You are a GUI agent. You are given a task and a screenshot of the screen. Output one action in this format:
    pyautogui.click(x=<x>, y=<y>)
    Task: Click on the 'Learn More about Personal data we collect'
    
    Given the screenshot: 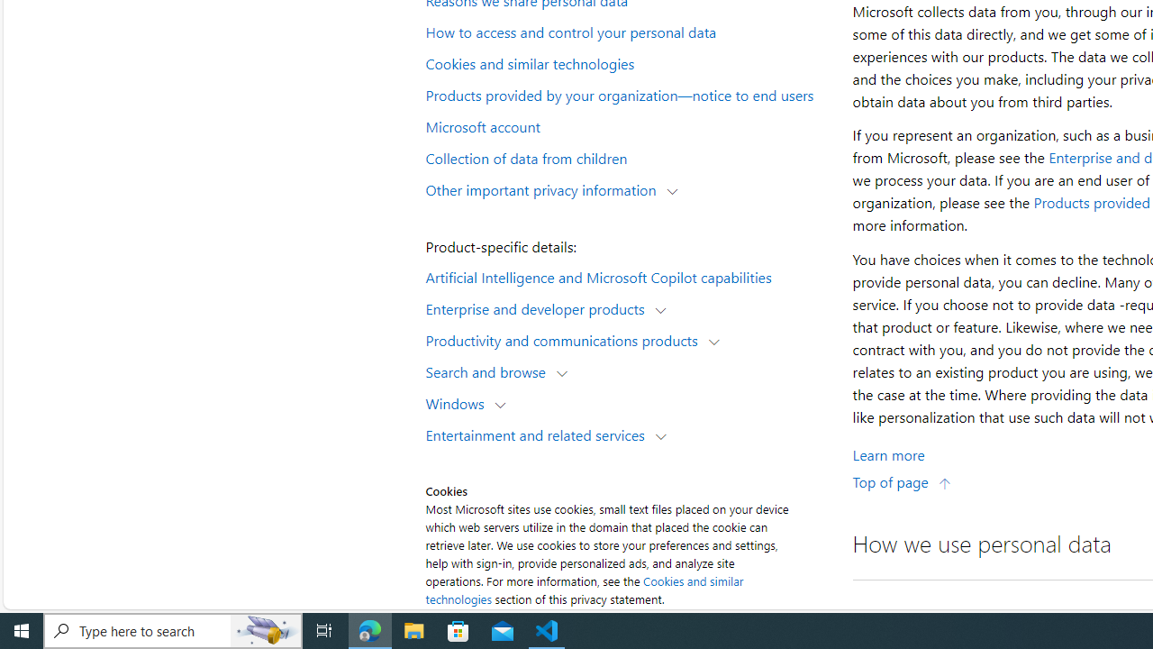 What is the action you would take?
    pyautogui.click(x=888, y=453)
    